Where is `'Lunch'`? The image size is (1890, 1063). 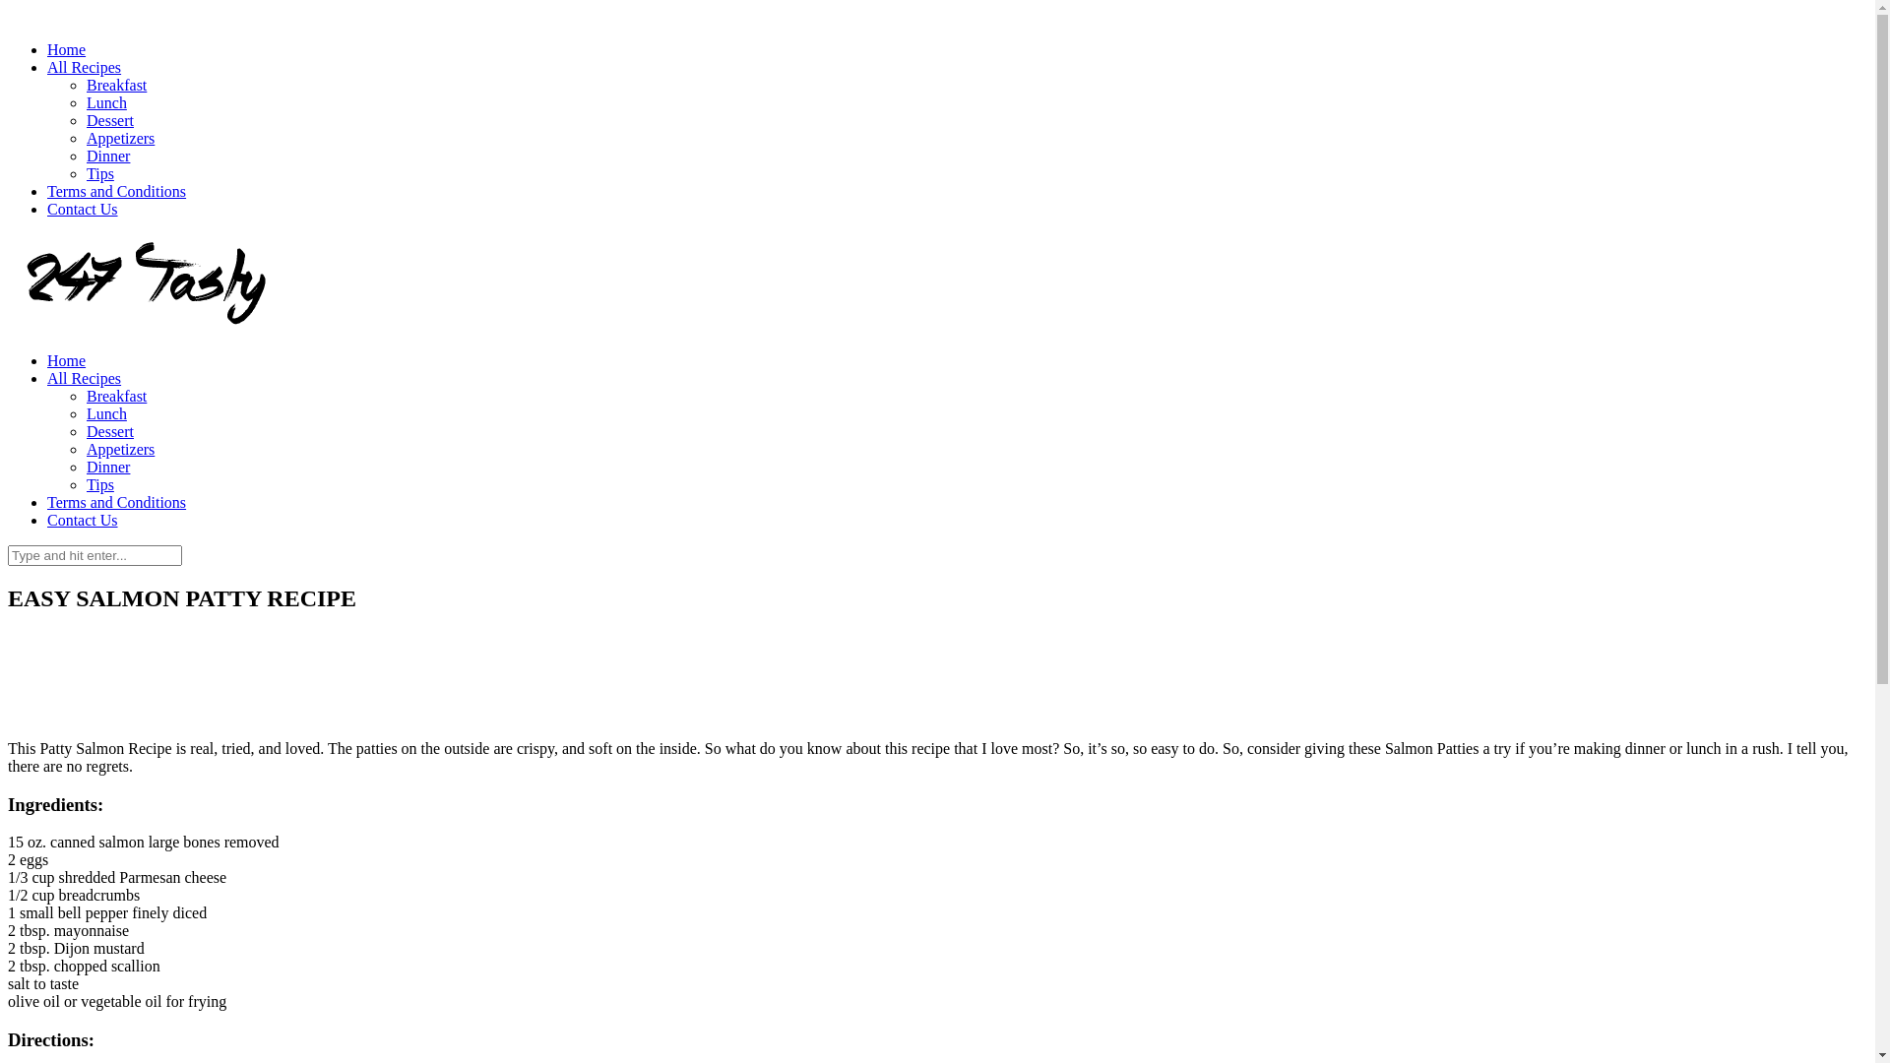
'Lunch' is located at coordinates (105, 412).